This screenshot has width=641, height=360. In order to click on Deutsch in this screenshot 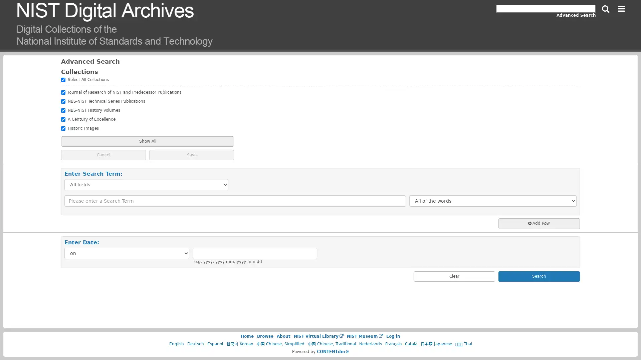, I will do `click(195, 344)`.